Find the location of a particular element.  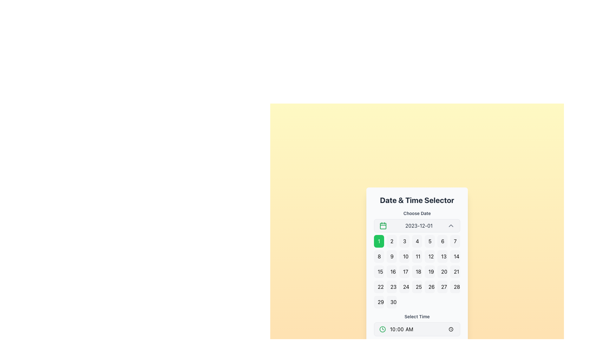

the rectangular button with the text '2' in black is located at coordinates (391, 241).